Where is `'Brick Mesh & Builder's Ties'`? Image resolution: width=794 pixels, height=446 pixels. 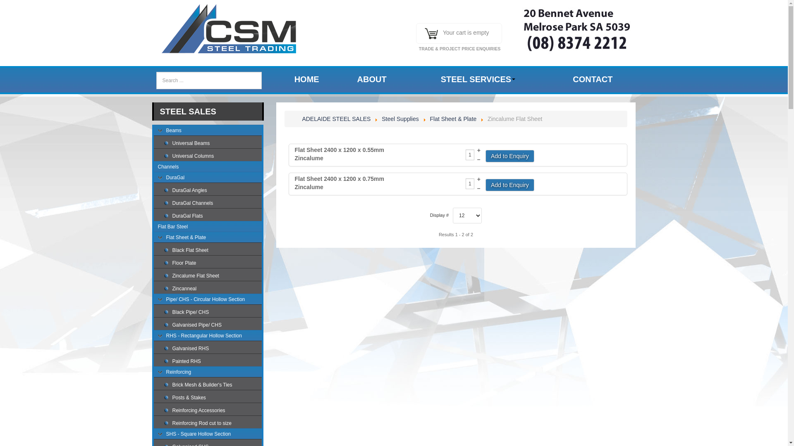 'Brick Mesh & Builder's Ties' is located at coordinates (213, 385).